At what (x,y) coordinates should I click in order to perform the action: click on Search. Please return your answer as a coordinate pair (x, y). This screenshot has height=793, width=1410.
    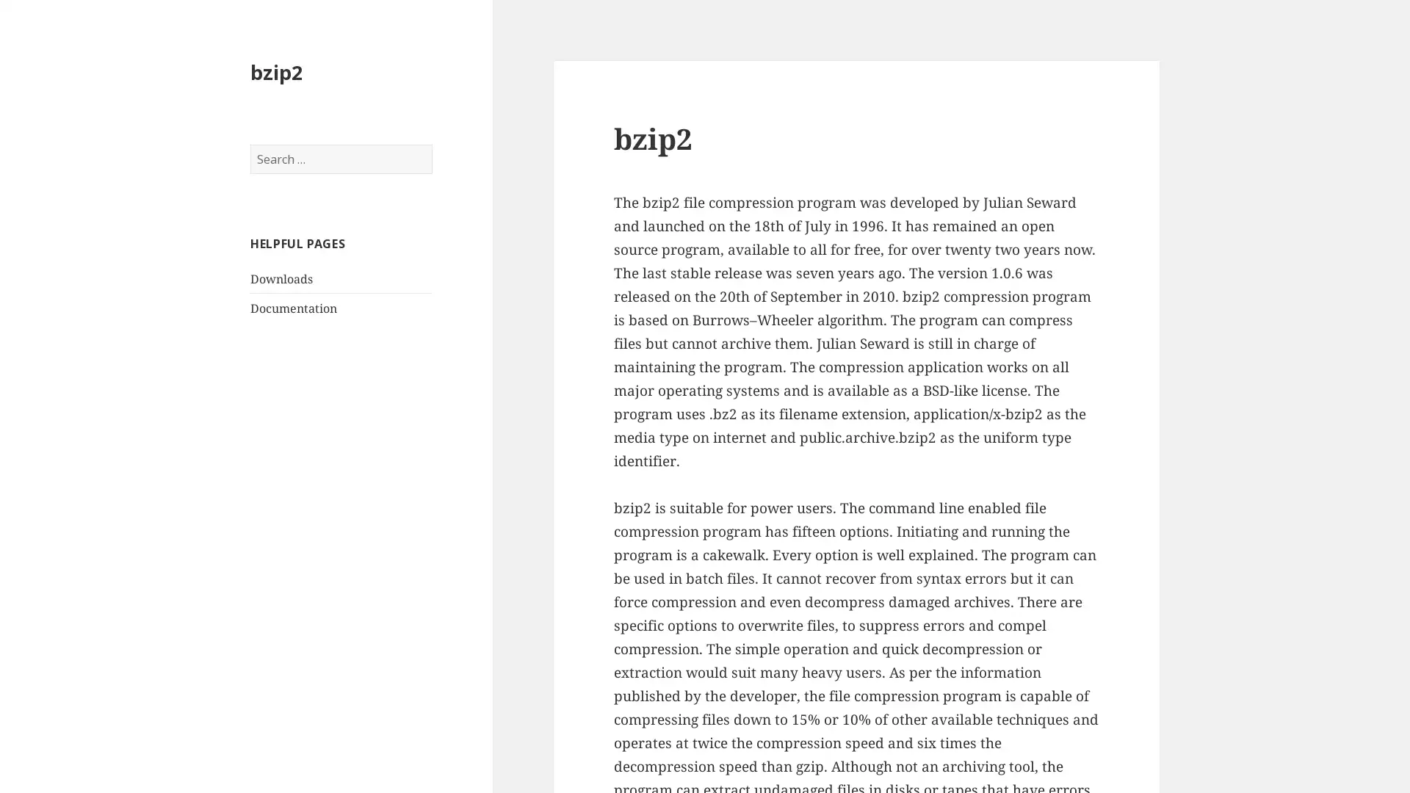
    Looking at the image, I should click on (431, 145).